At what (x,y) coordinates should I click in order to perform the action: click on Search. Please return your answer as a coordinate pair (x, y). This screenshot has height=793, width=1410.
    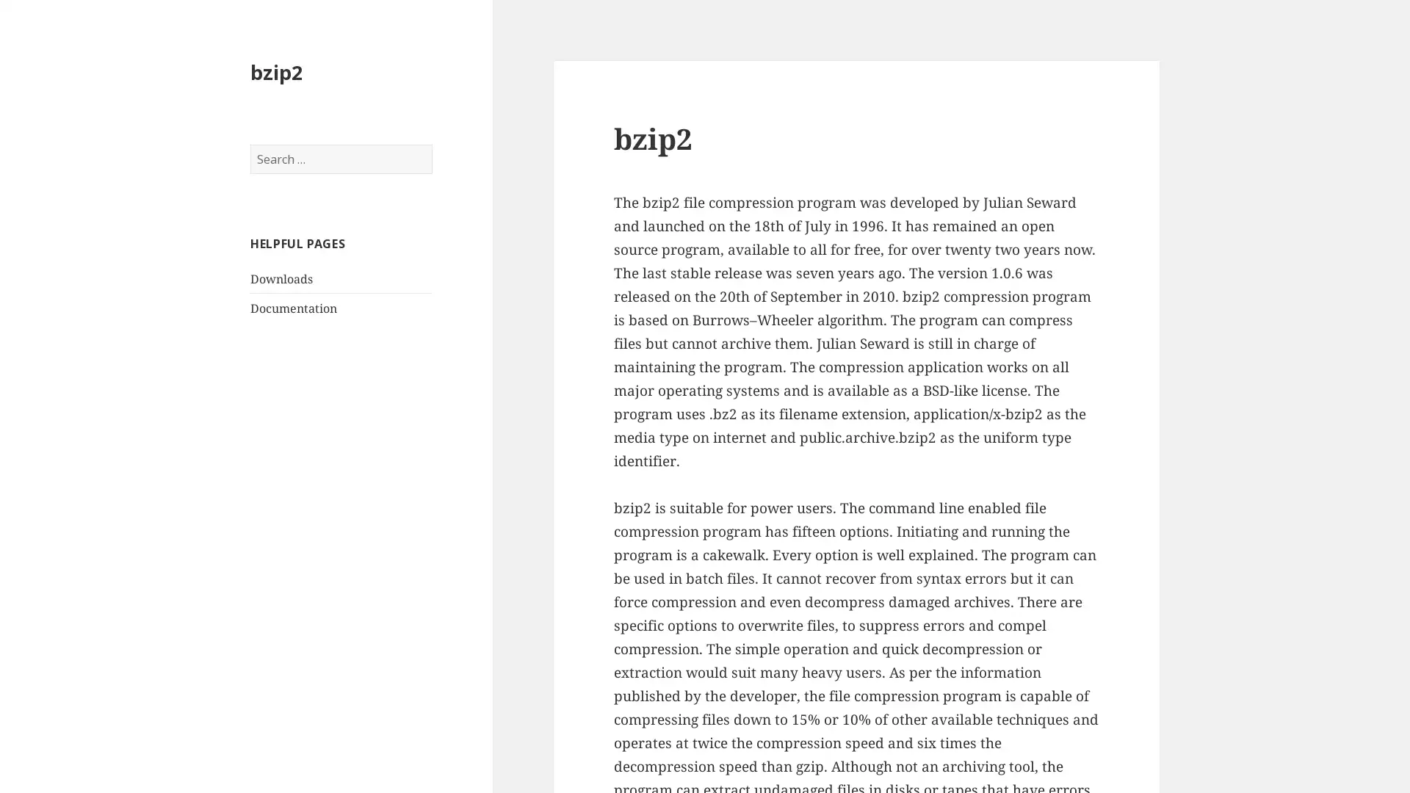
    Looking at the image, I should click on (431, 145).